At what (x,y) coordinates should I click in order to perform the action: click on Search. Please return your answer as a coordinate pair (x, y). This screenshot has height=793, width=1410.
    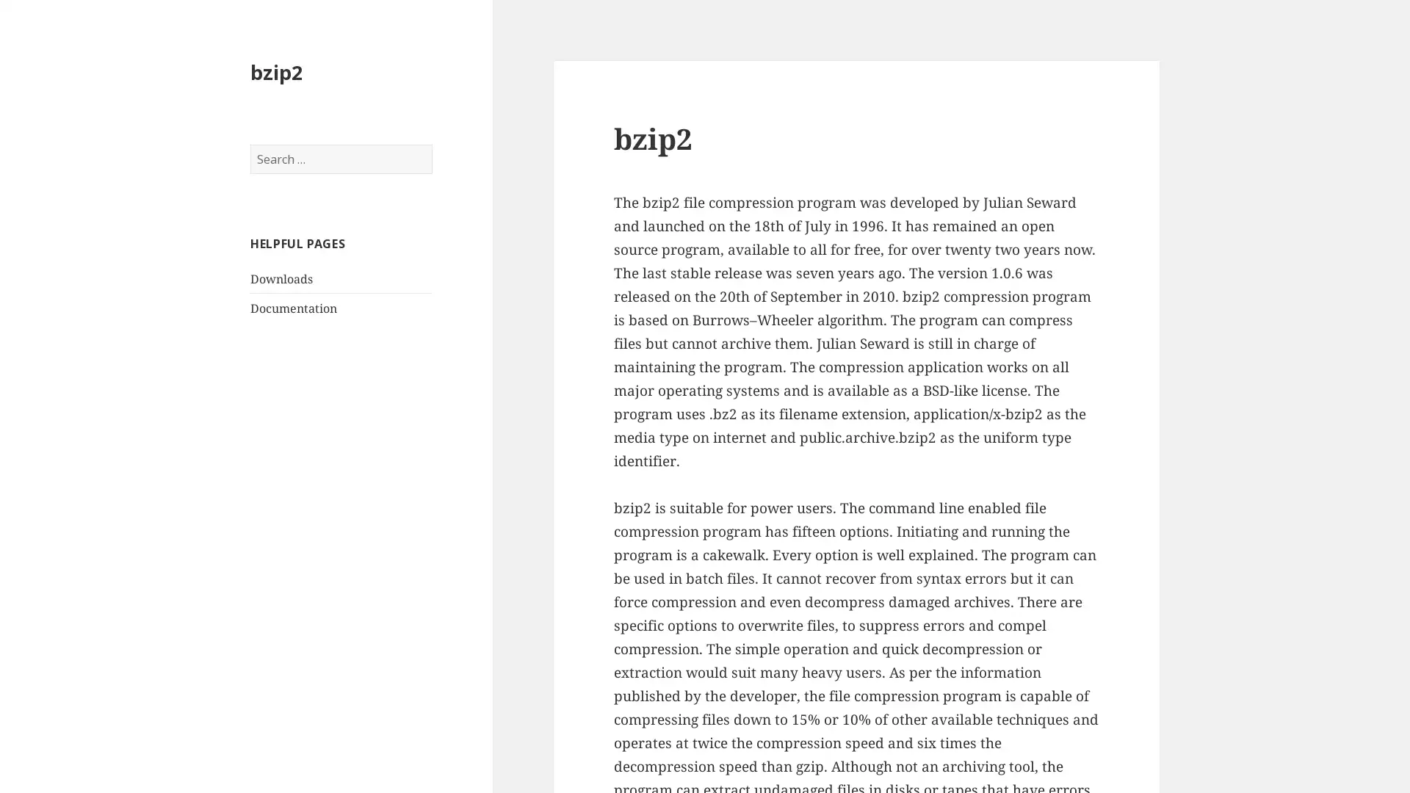
    Looking at the image, I should click on (431, 145).